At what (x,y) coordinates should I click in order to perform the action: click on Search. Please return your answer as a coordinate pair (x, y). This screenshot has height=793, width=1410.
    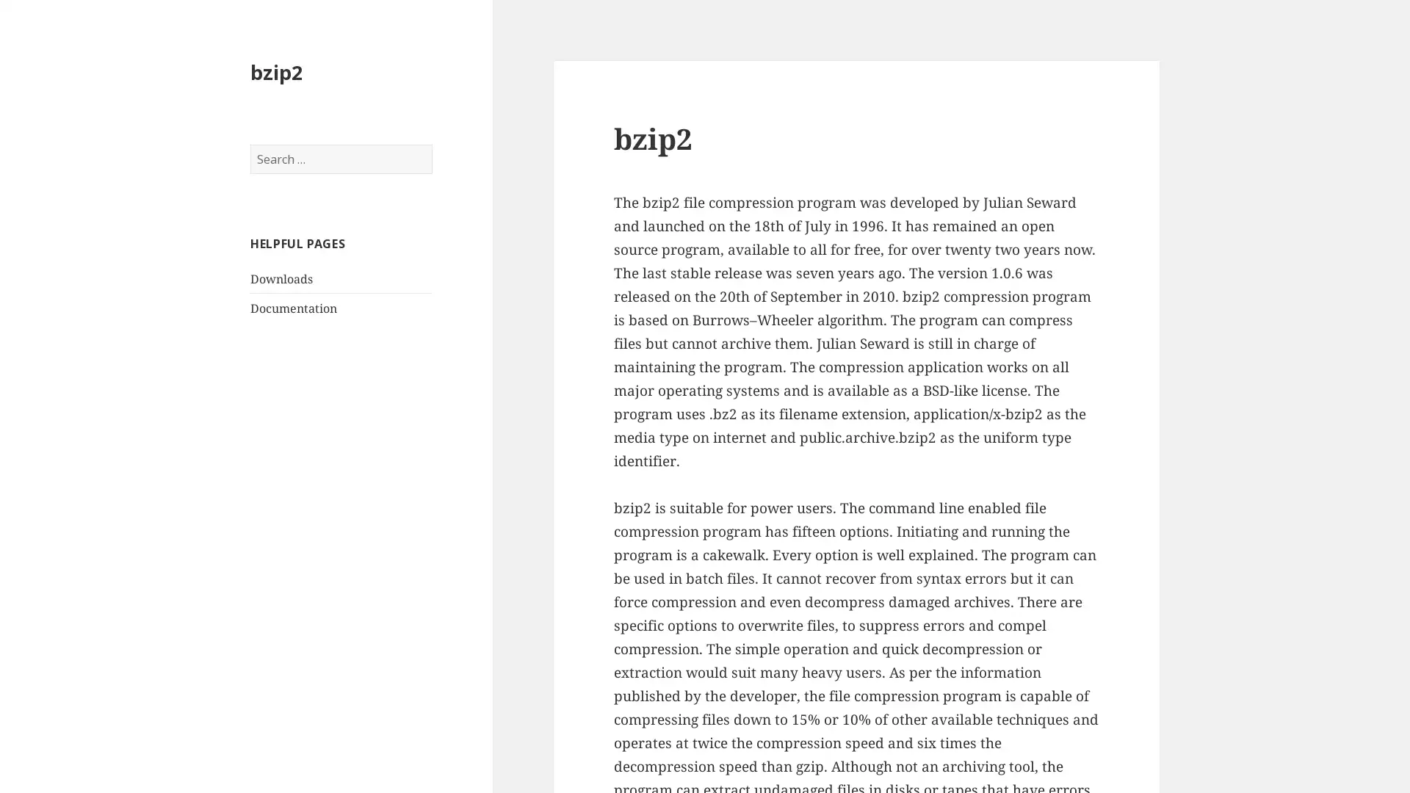
    Looking at the image, I should click on (431, 145).